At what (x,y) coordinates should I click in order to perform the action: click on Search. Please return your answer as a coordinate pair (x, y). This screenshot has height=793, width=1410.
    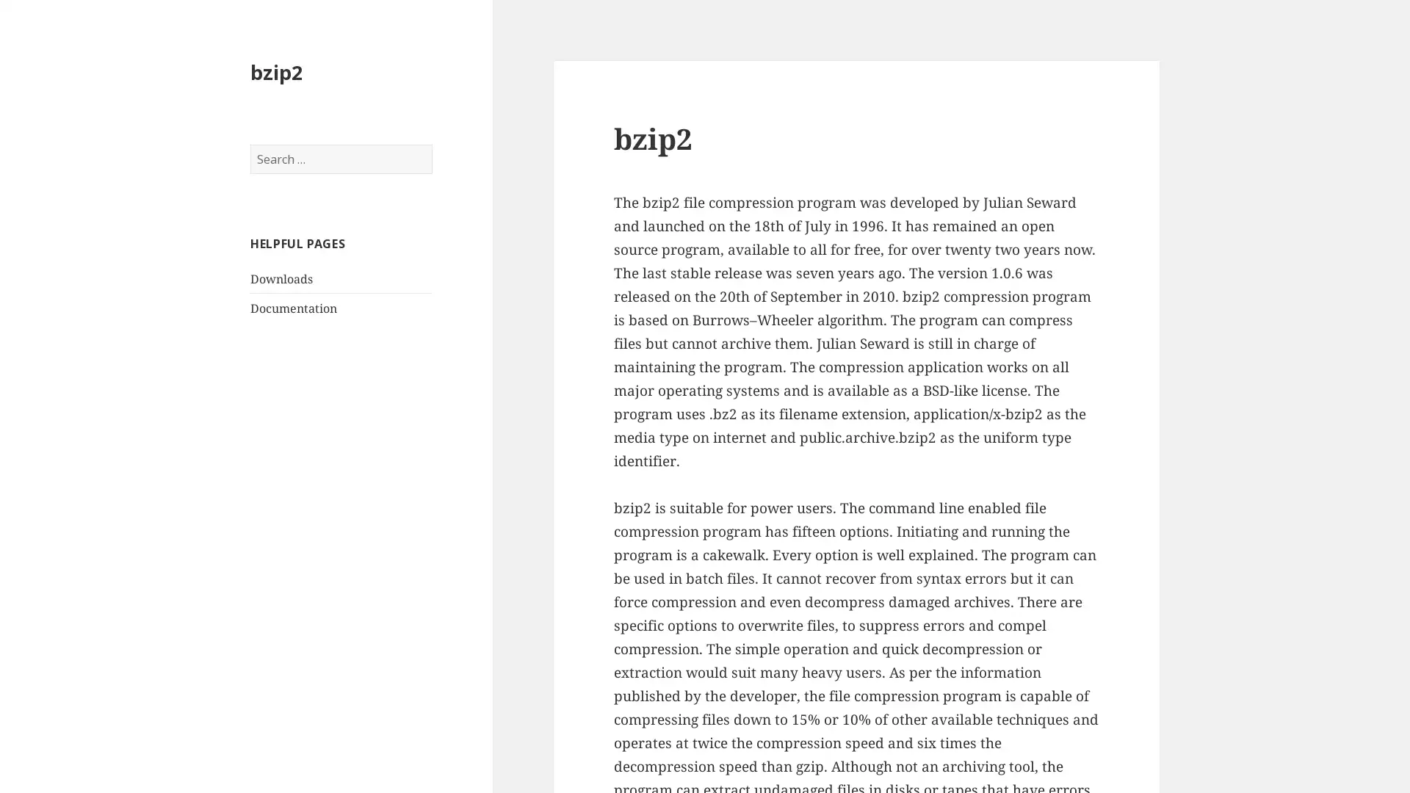
    Looking at the image, I should click on (431, 145).